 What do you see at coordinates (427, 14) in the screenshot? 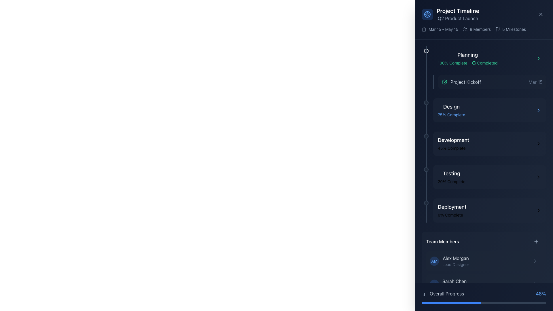
I see `the middle SVG circle element, which symbolizes focus in the sidebar, to engage with its surrounding graphic components` at bounding box center [427, 14].